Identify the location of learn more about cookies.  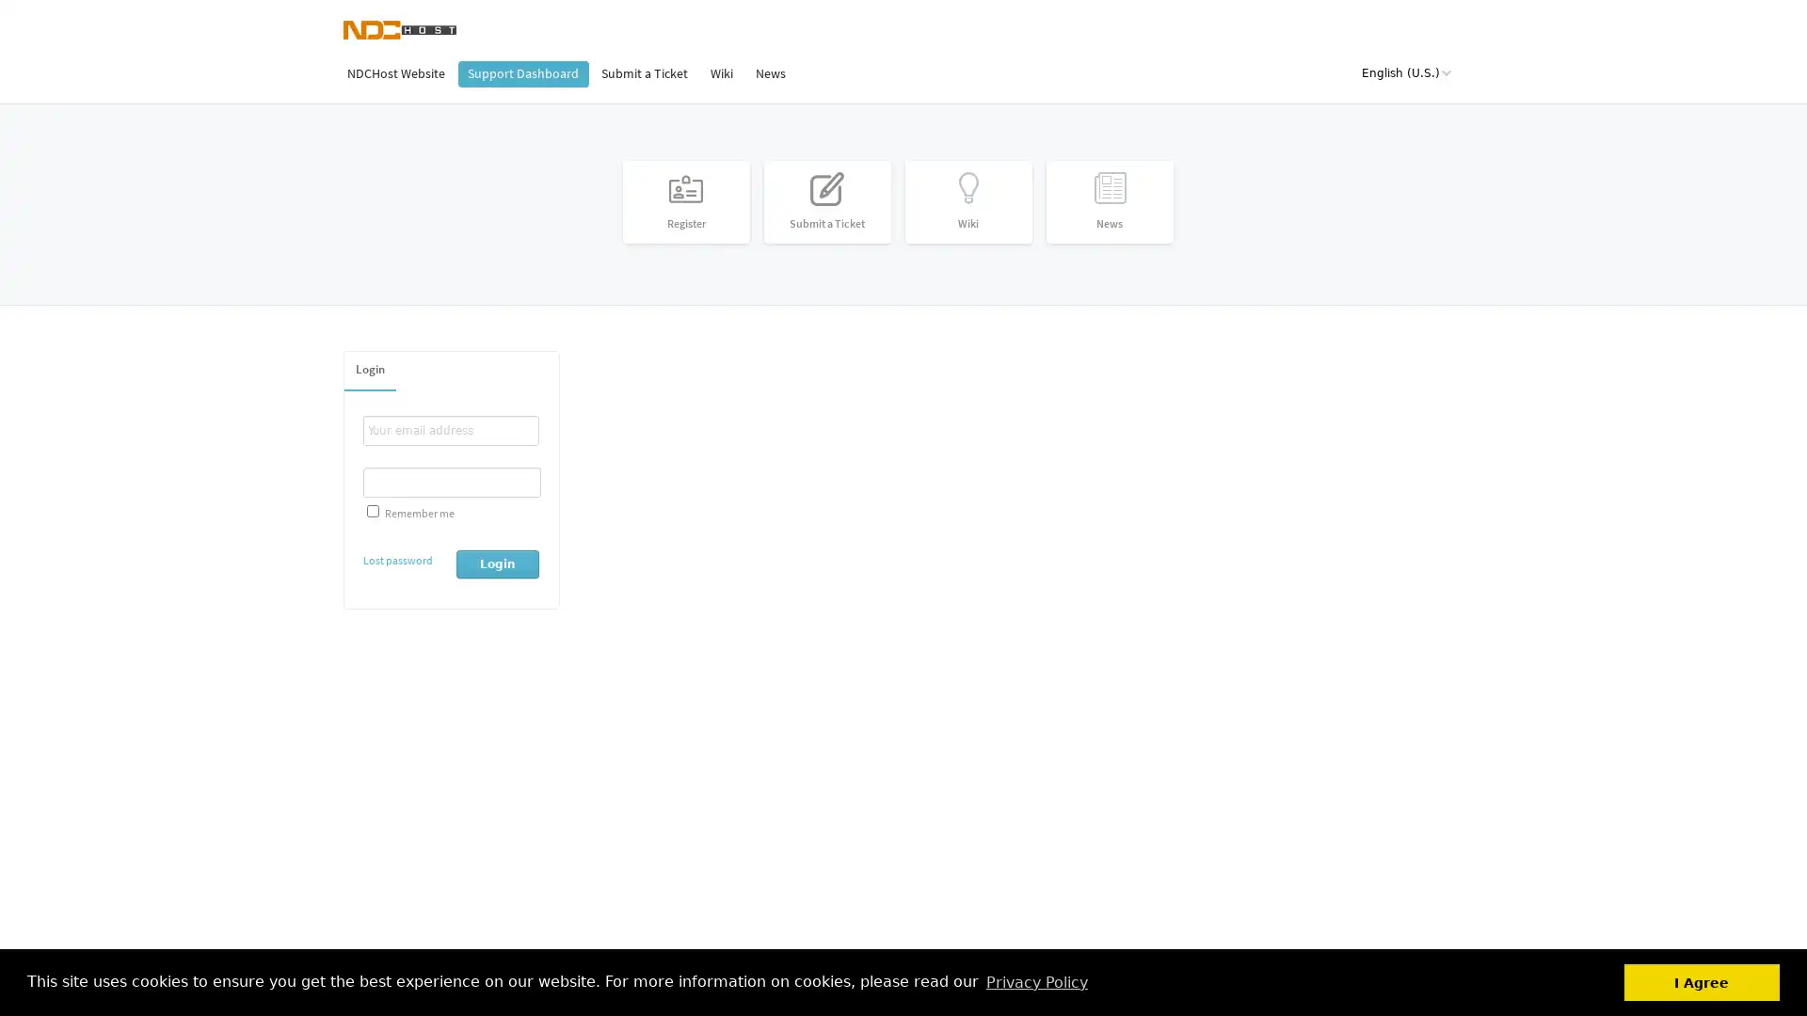
(1035, 981).